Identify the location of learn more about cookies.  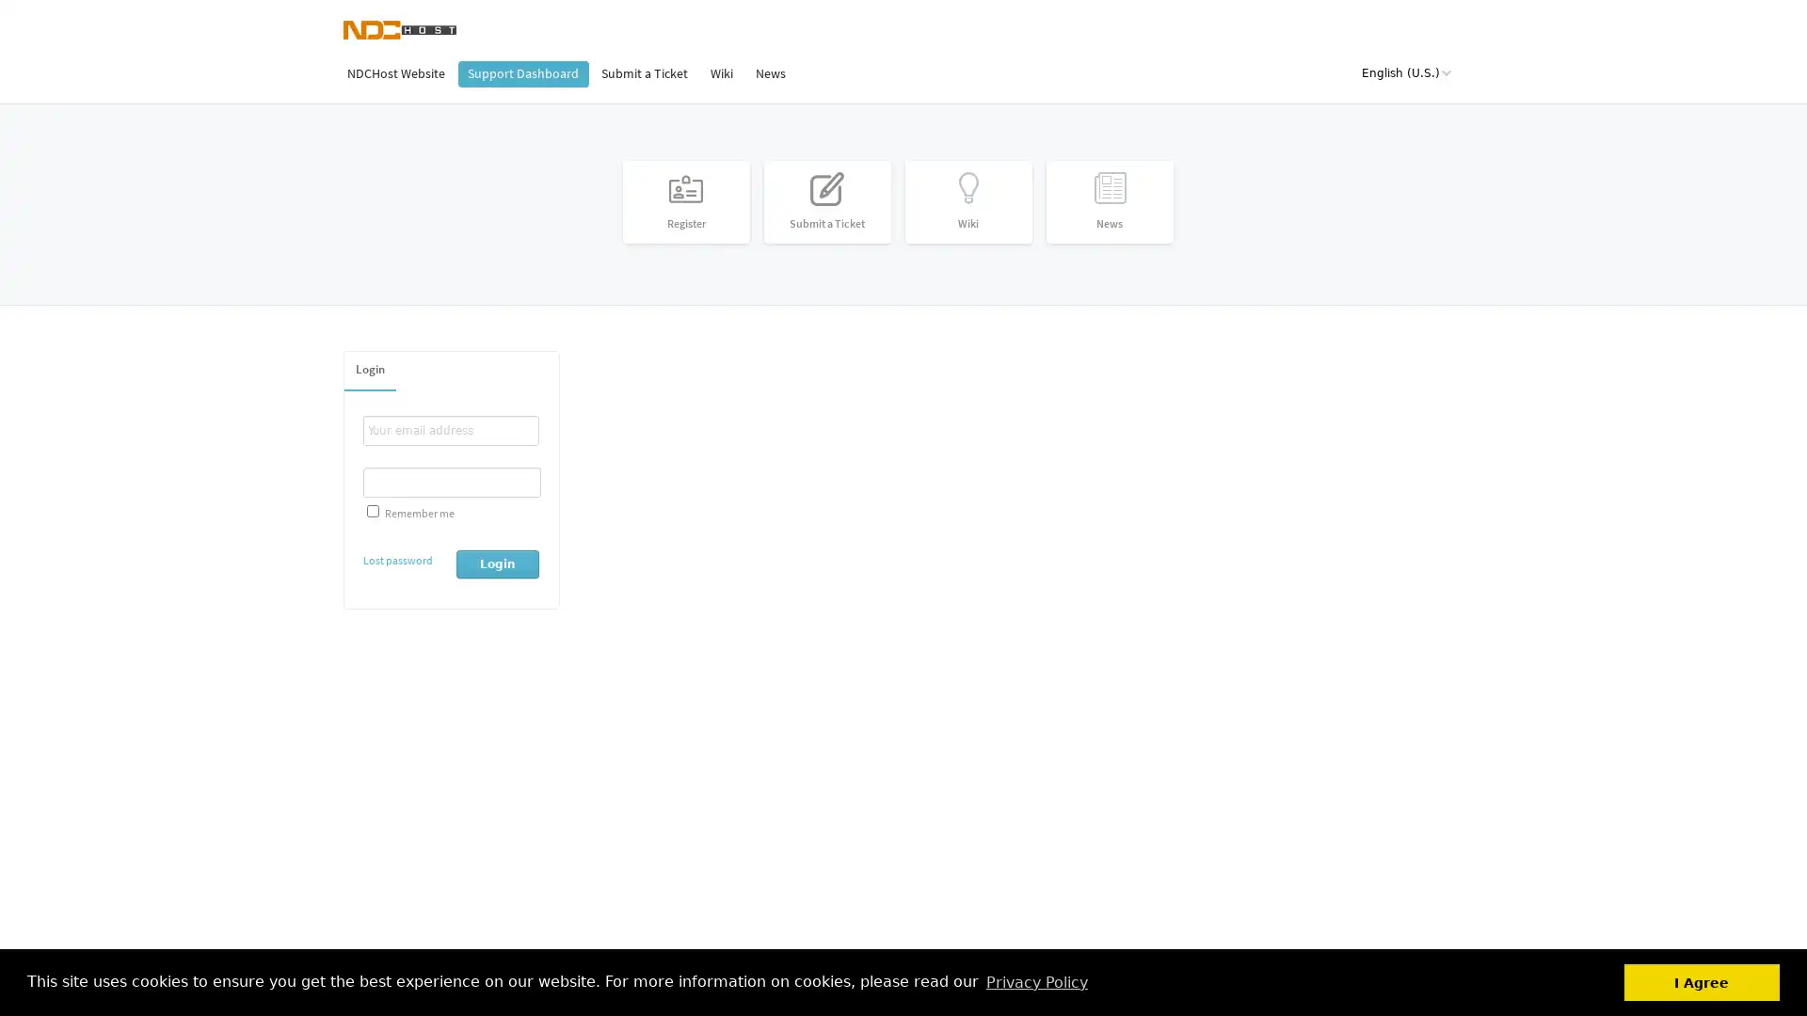
(1035, 981).